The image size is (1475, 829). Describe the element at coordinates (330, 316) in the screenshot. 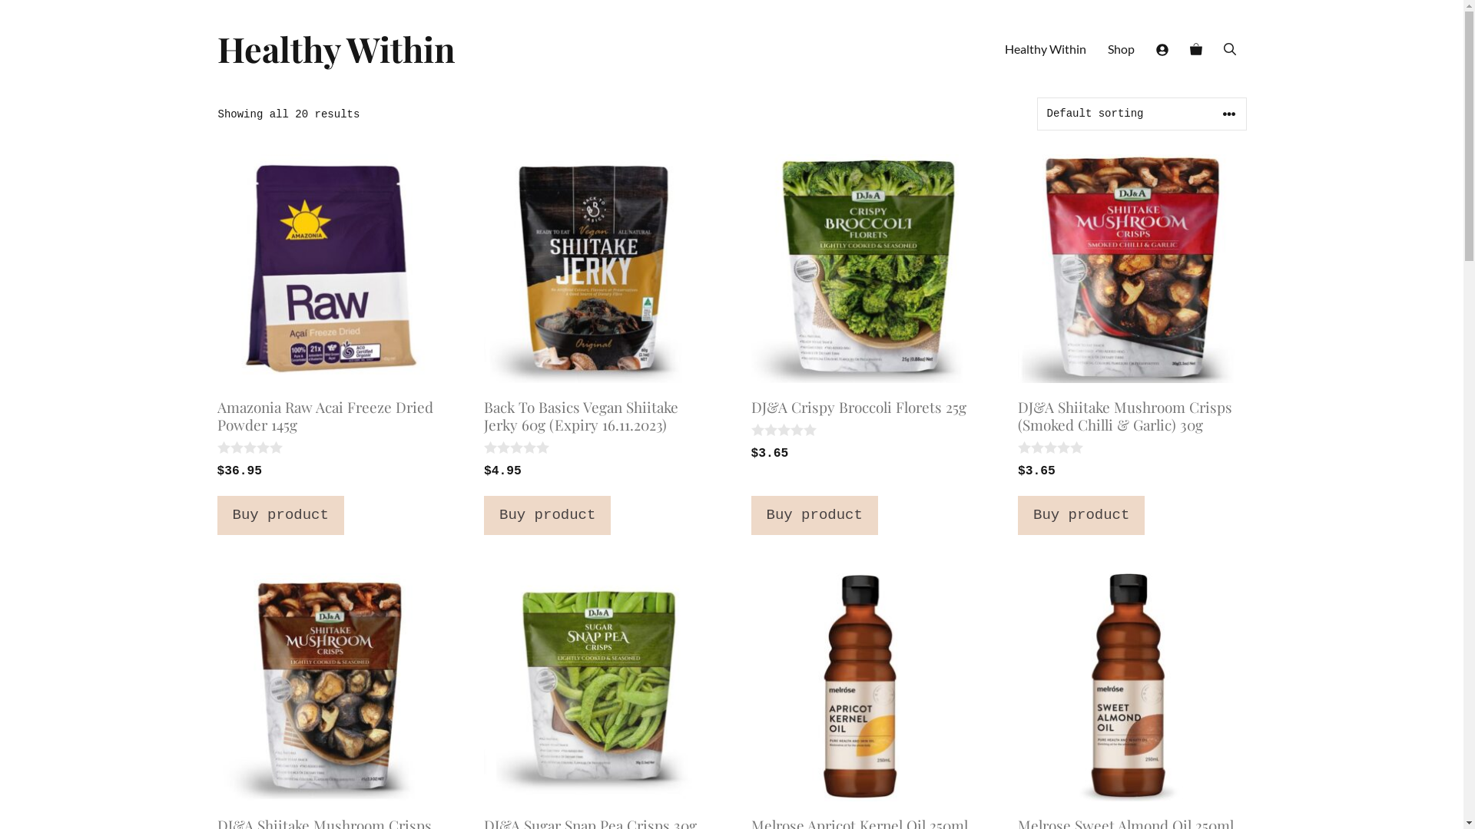

I see `'Amazonia Raw Acai Freeze Dried Powder 145g` at that location.